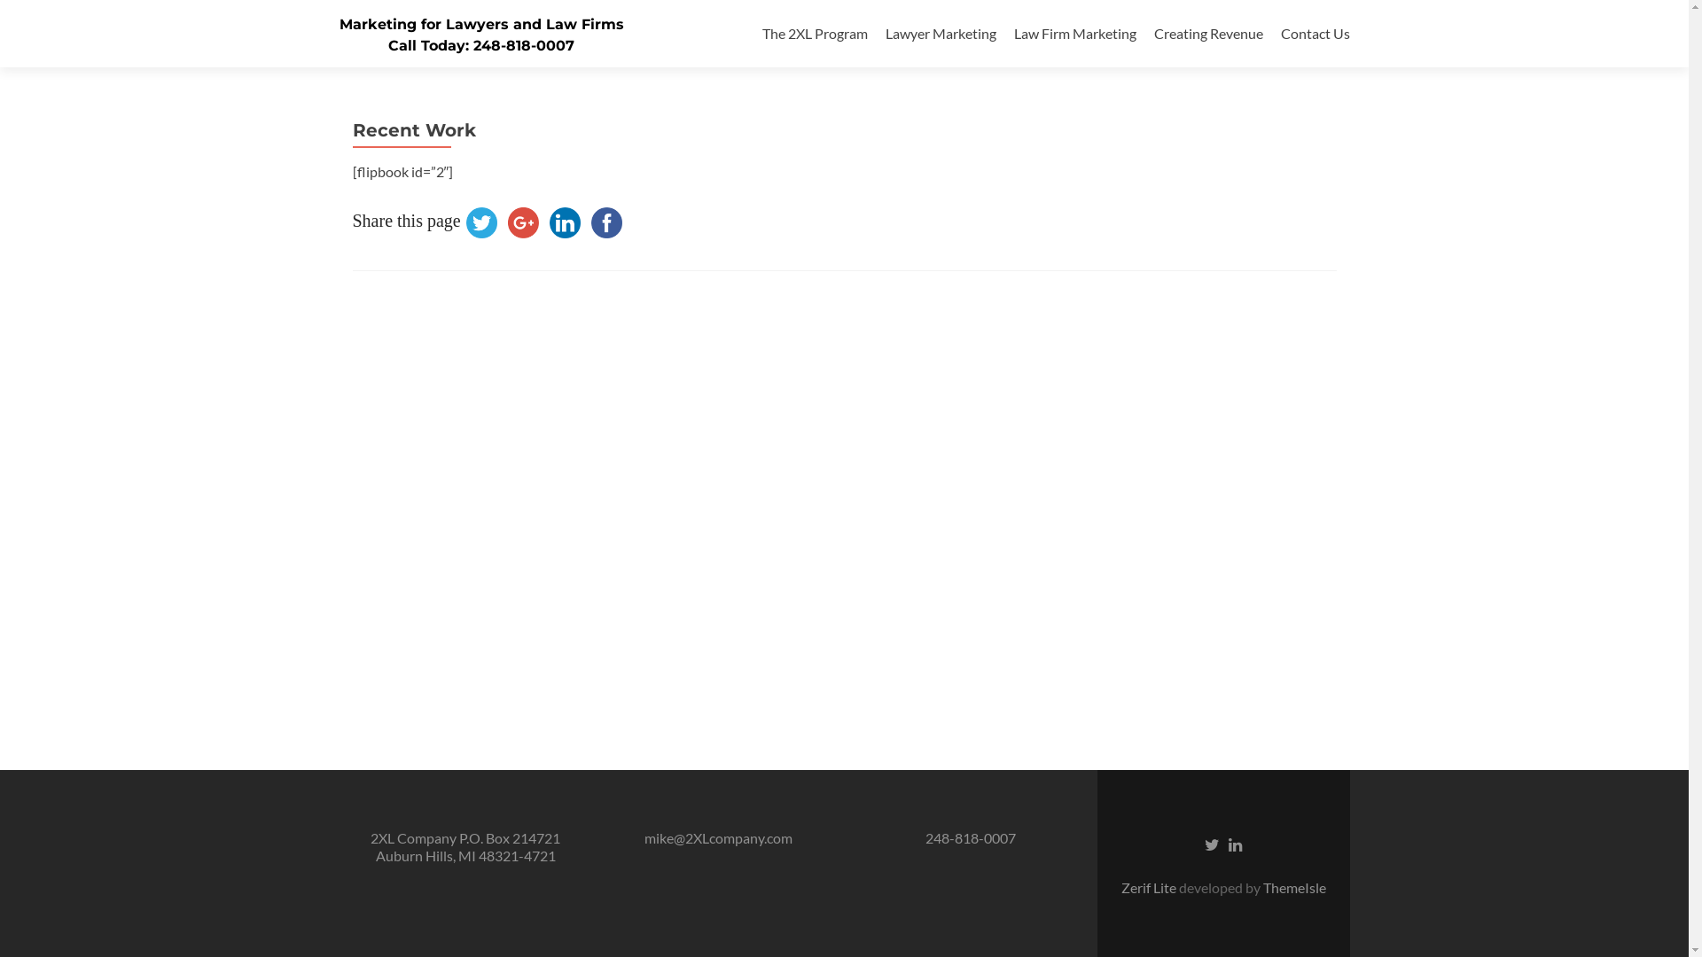 The width and height of the screenshot is (1702, 957). What do you see at coordinates (1207, 33) in the screenshot?
I see `'Creating Revenue'` at bounding box center [1207, 33].